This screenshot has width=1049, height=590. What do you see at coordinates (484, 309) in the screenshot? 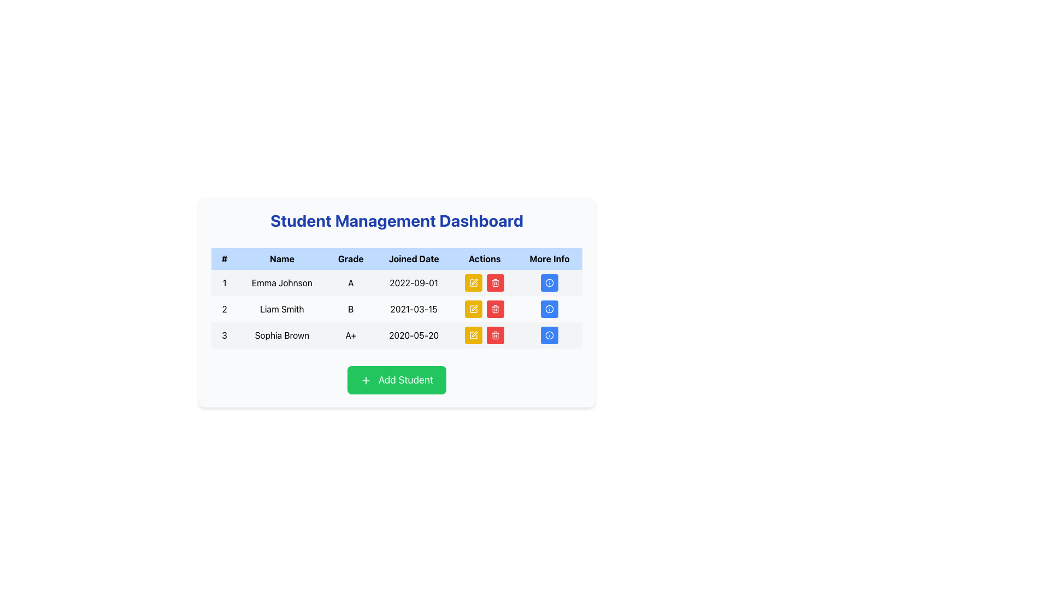
I see `the red trash bin icon located in the 'Actions' column of the second row of the table corresponding to the entry with the name 'Liam Smith'` at bounding box center [484, 309].